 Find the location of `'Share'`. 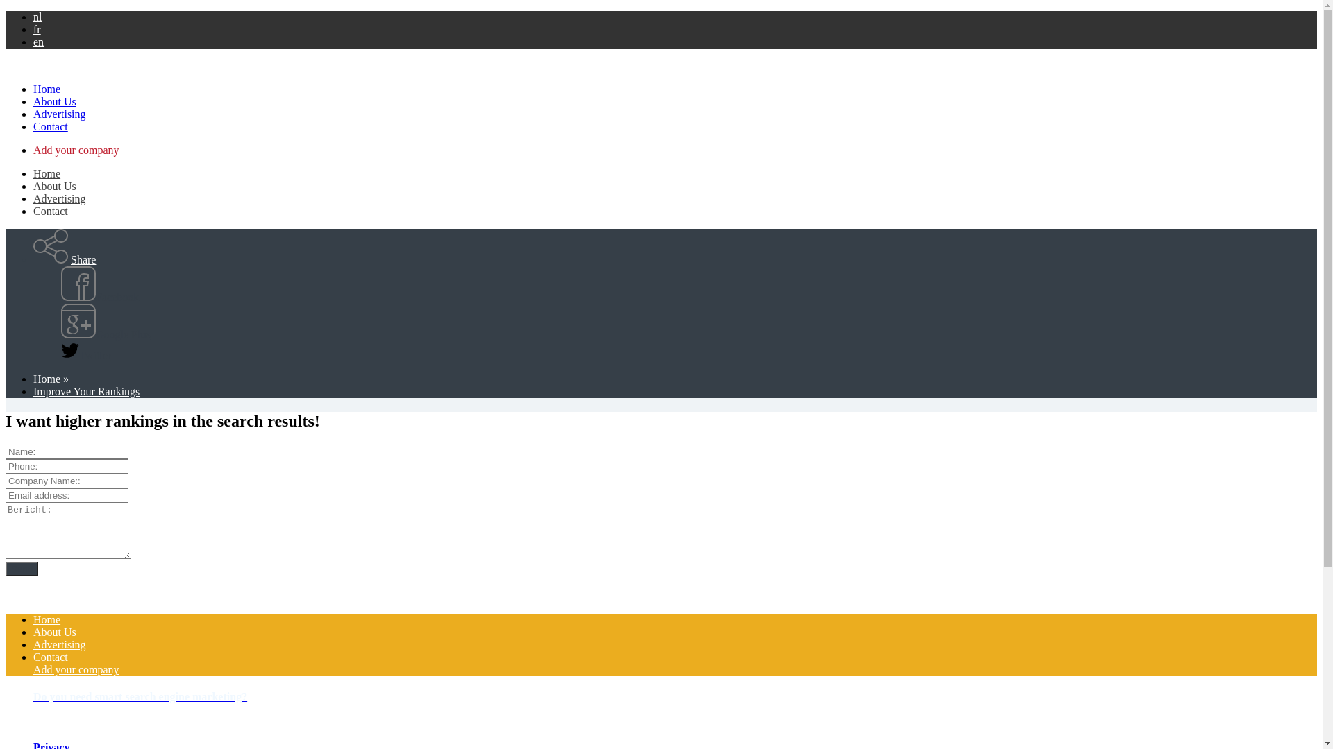

'Share' is located at coordinates (83, 259).